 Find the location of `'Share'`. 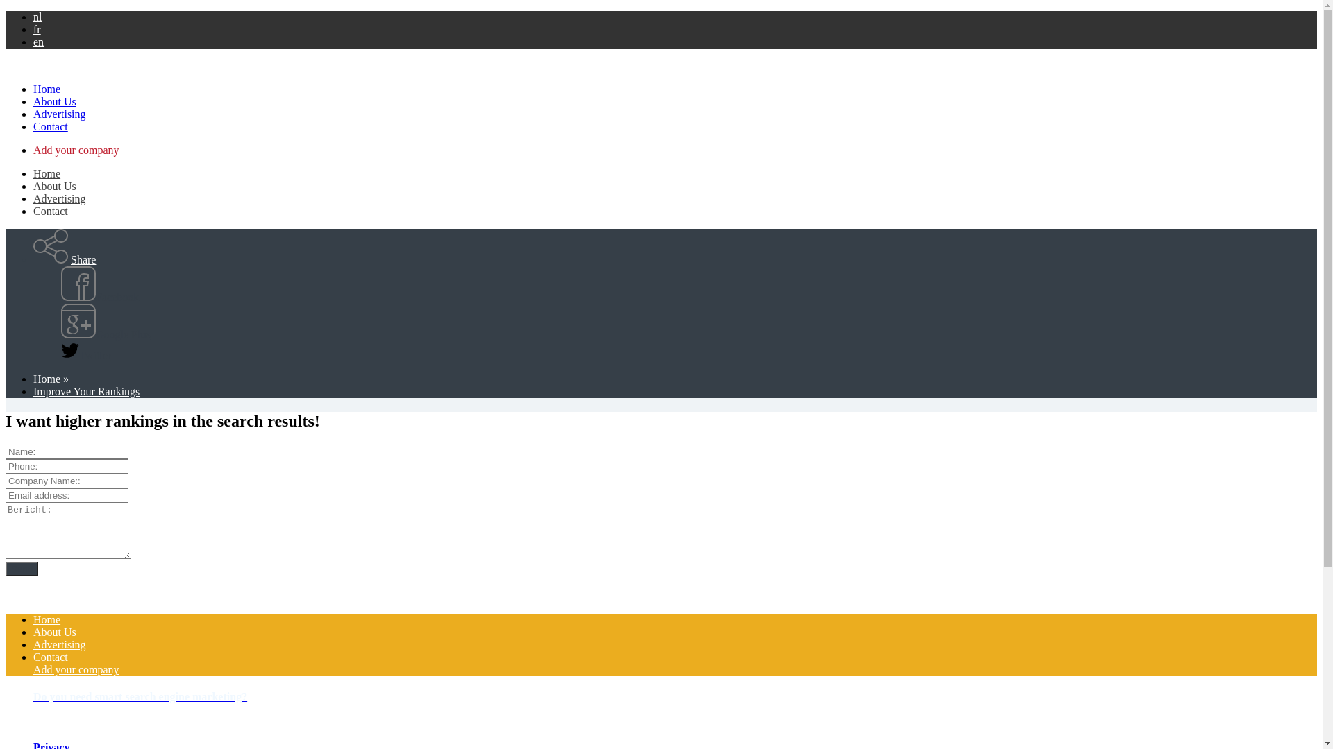

'Share' is located at coordinates (83, 259).